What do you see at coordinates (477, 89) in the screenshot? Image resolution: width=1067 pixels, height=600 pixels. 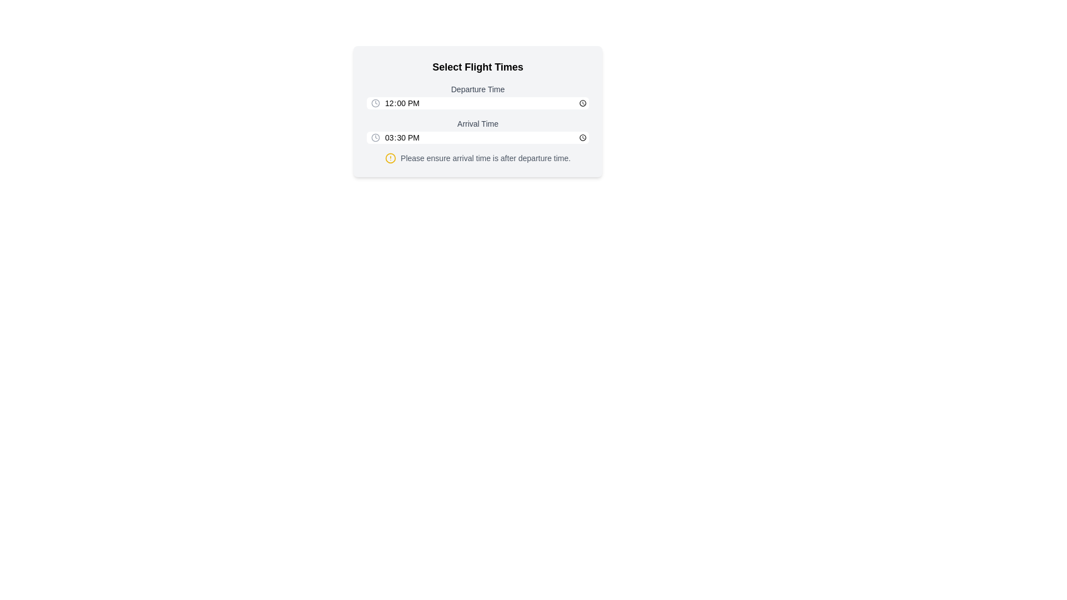 I see `the 'Departure Time' label, which displays the text in a small, medium-weight grayish font located at the top-center of the panel above the associated input field` at bounding box center [477, 89].